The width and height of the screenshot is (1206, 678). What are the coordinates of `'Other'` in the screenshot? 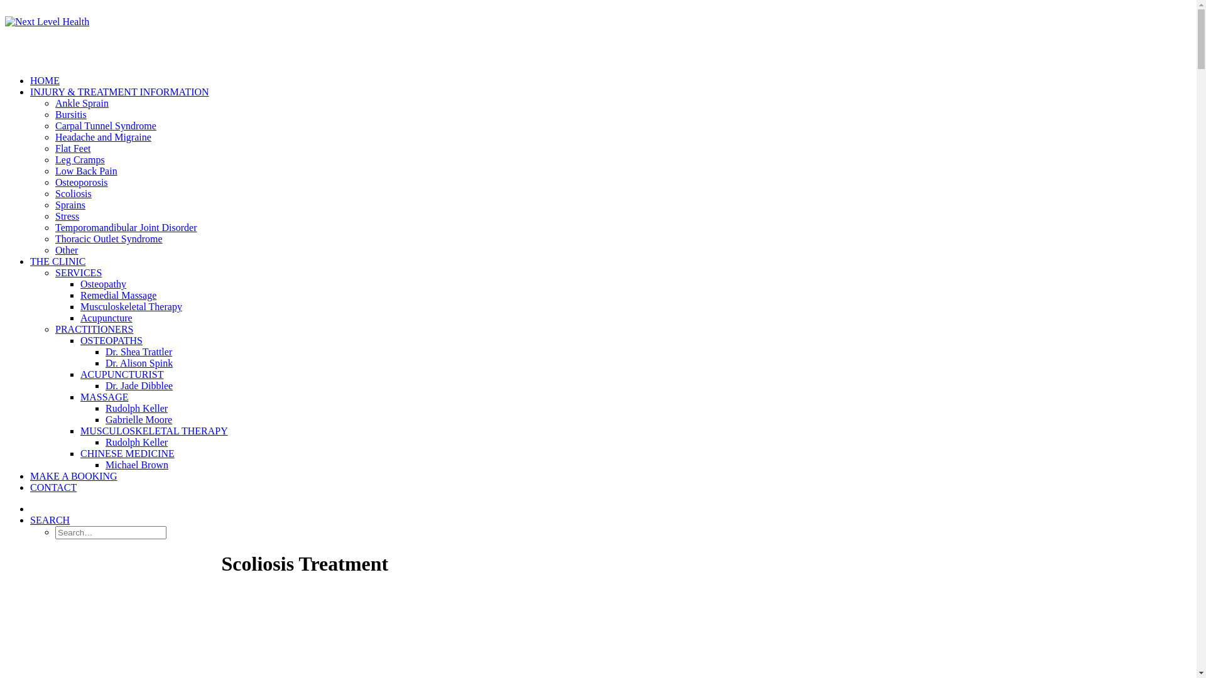 It's located at (54, 250).